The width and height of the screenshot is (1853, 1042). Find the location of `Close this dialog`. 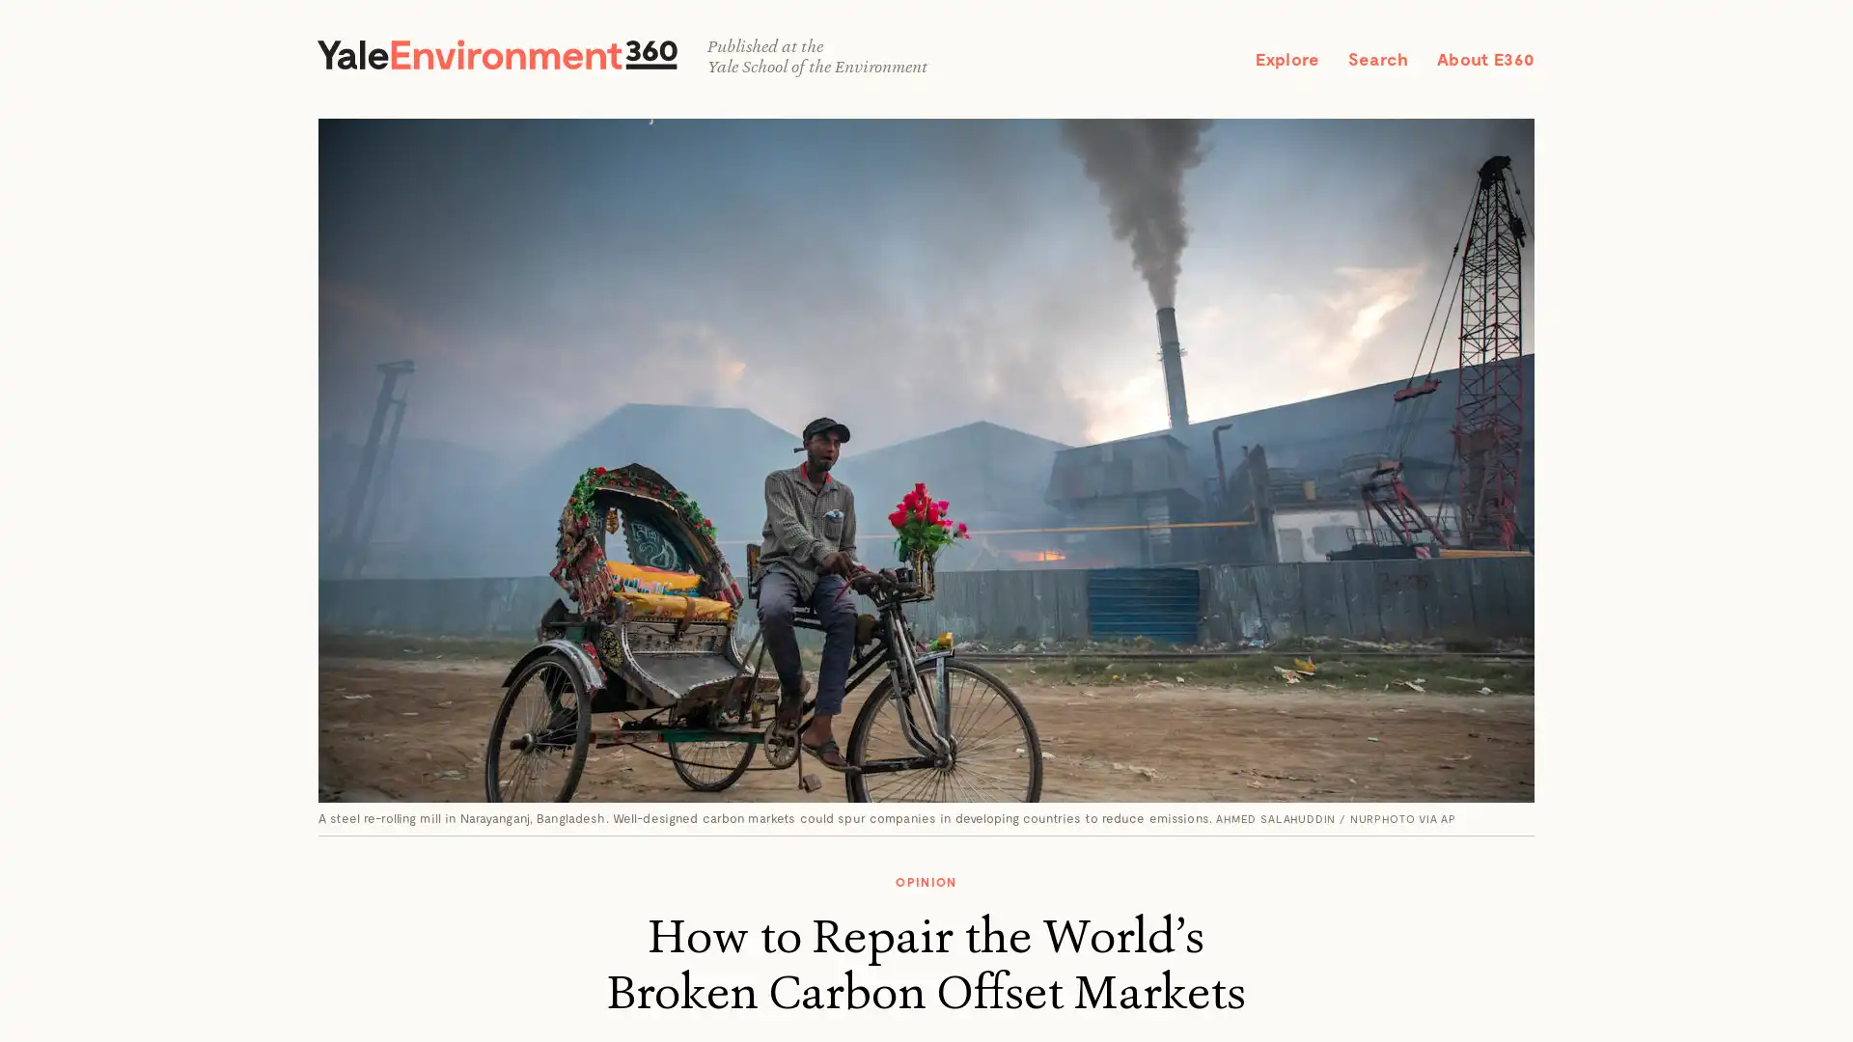

Close this dialog is located at coordinates (1149, 362).